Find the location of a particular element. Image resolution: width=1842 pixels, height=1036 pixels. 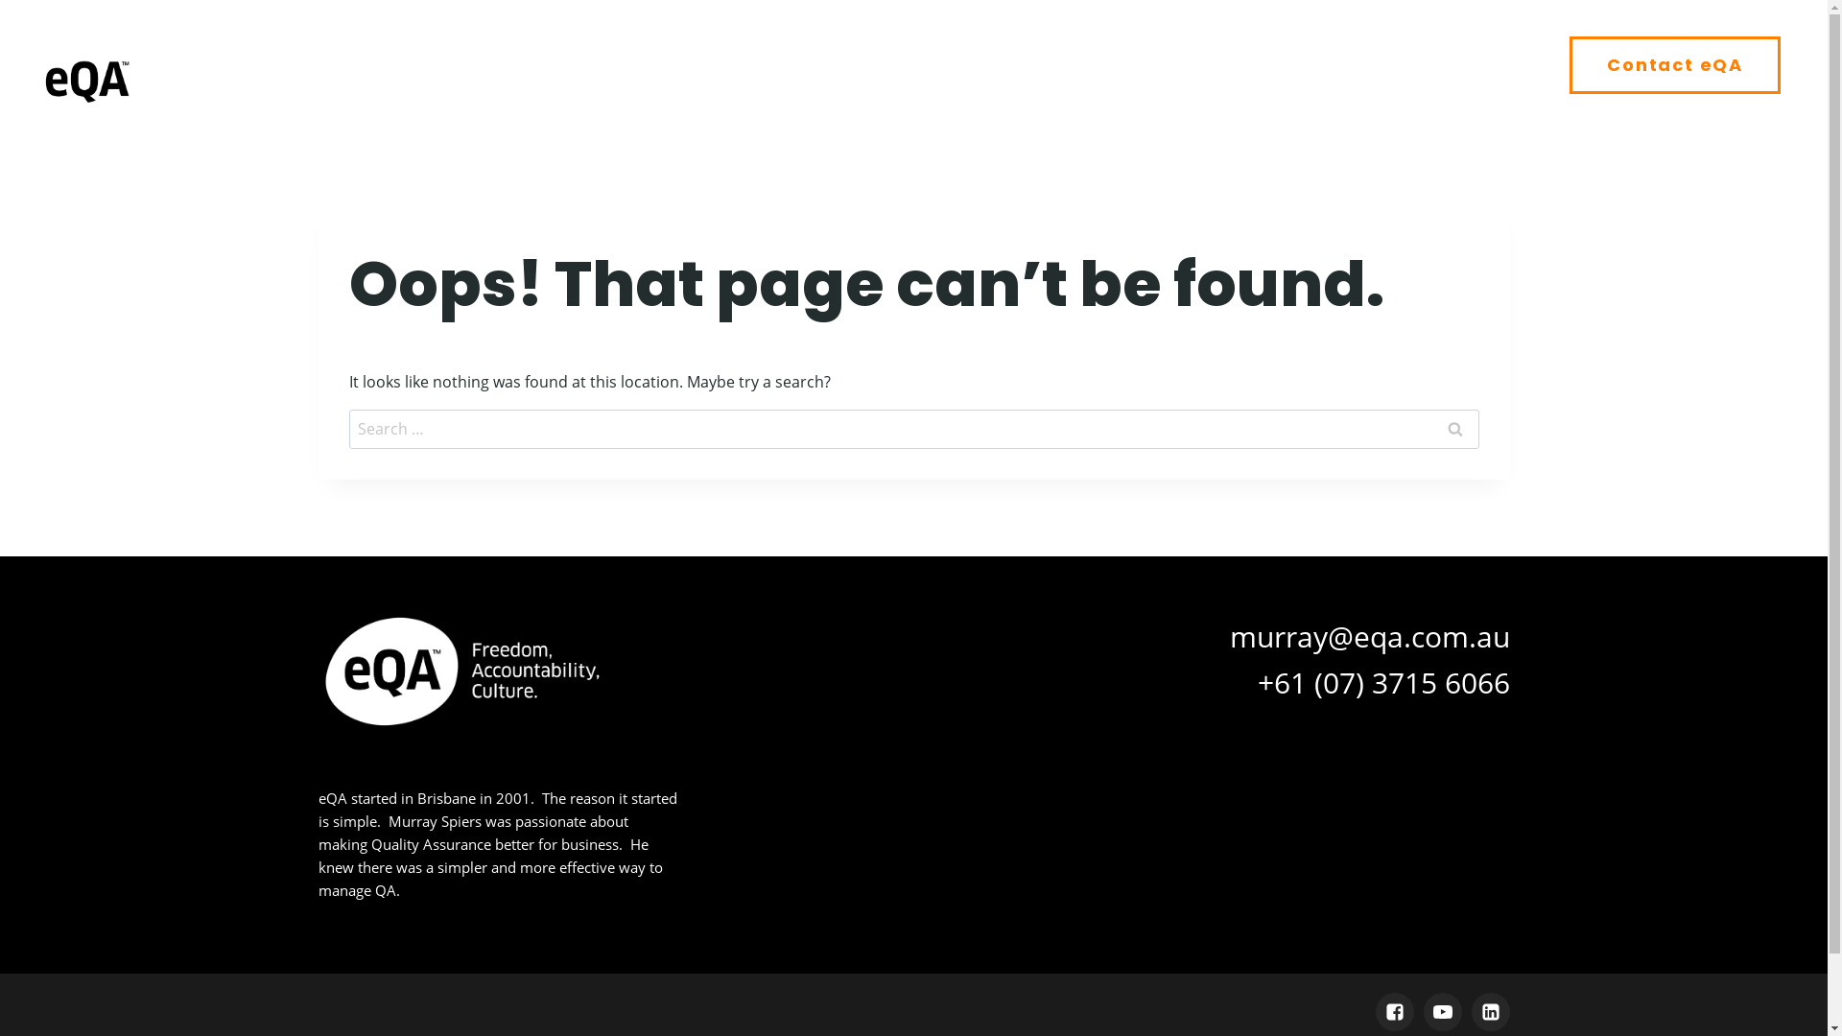

'murray@eqa.com.au' is located at coordinates (1369, 635).